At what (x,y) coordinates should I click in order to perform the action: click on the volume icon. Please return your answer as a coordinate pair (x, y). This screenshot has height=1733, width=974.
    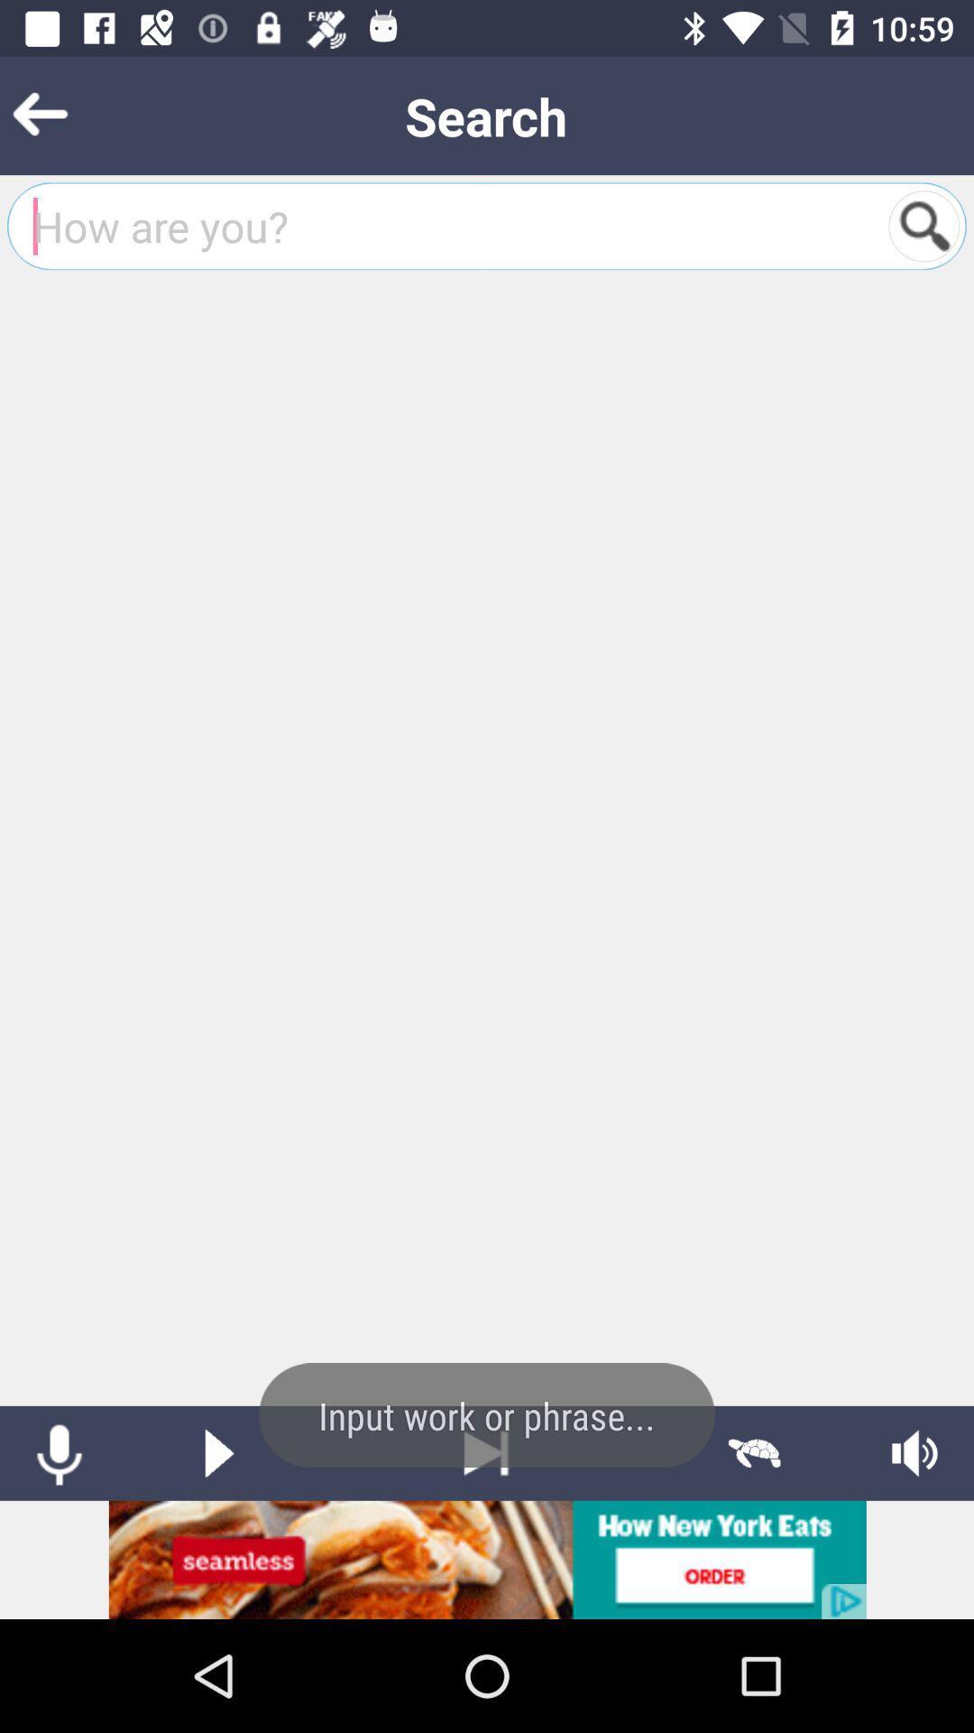
    Looking at the image, I should click on (914, 1453).